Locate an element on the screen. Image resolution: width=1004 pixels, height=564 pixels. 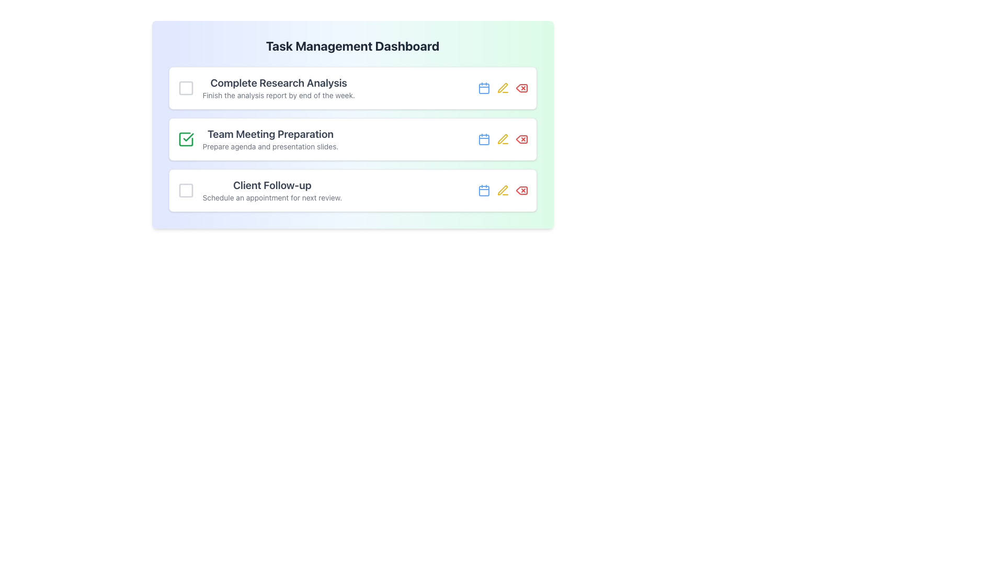
the checkbox icon located is located at coordinates (186, 191).